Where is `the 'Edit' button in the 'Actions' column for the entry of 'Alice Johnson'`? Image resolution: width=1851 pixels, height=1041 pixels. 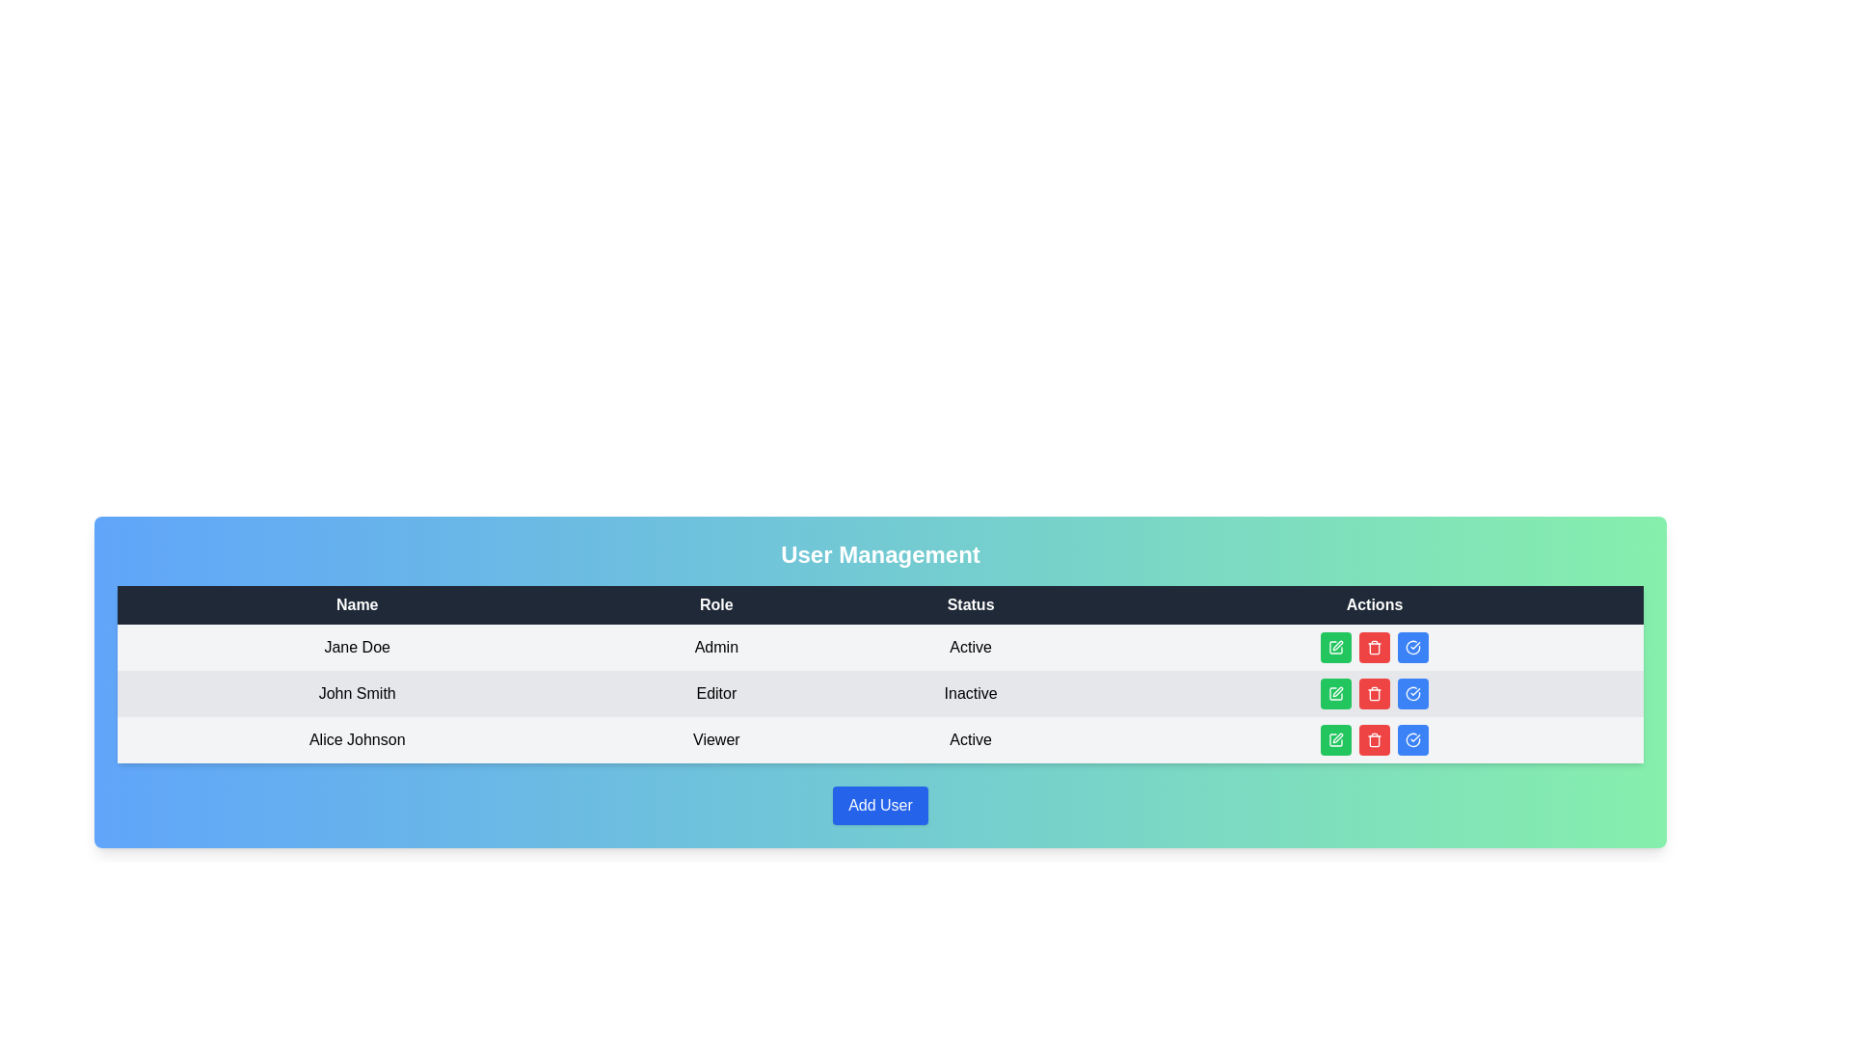
the 'Edit' button in the 'Actions' column for the entry of 'Alice Johnson' is located at coordinates (1336, 737).